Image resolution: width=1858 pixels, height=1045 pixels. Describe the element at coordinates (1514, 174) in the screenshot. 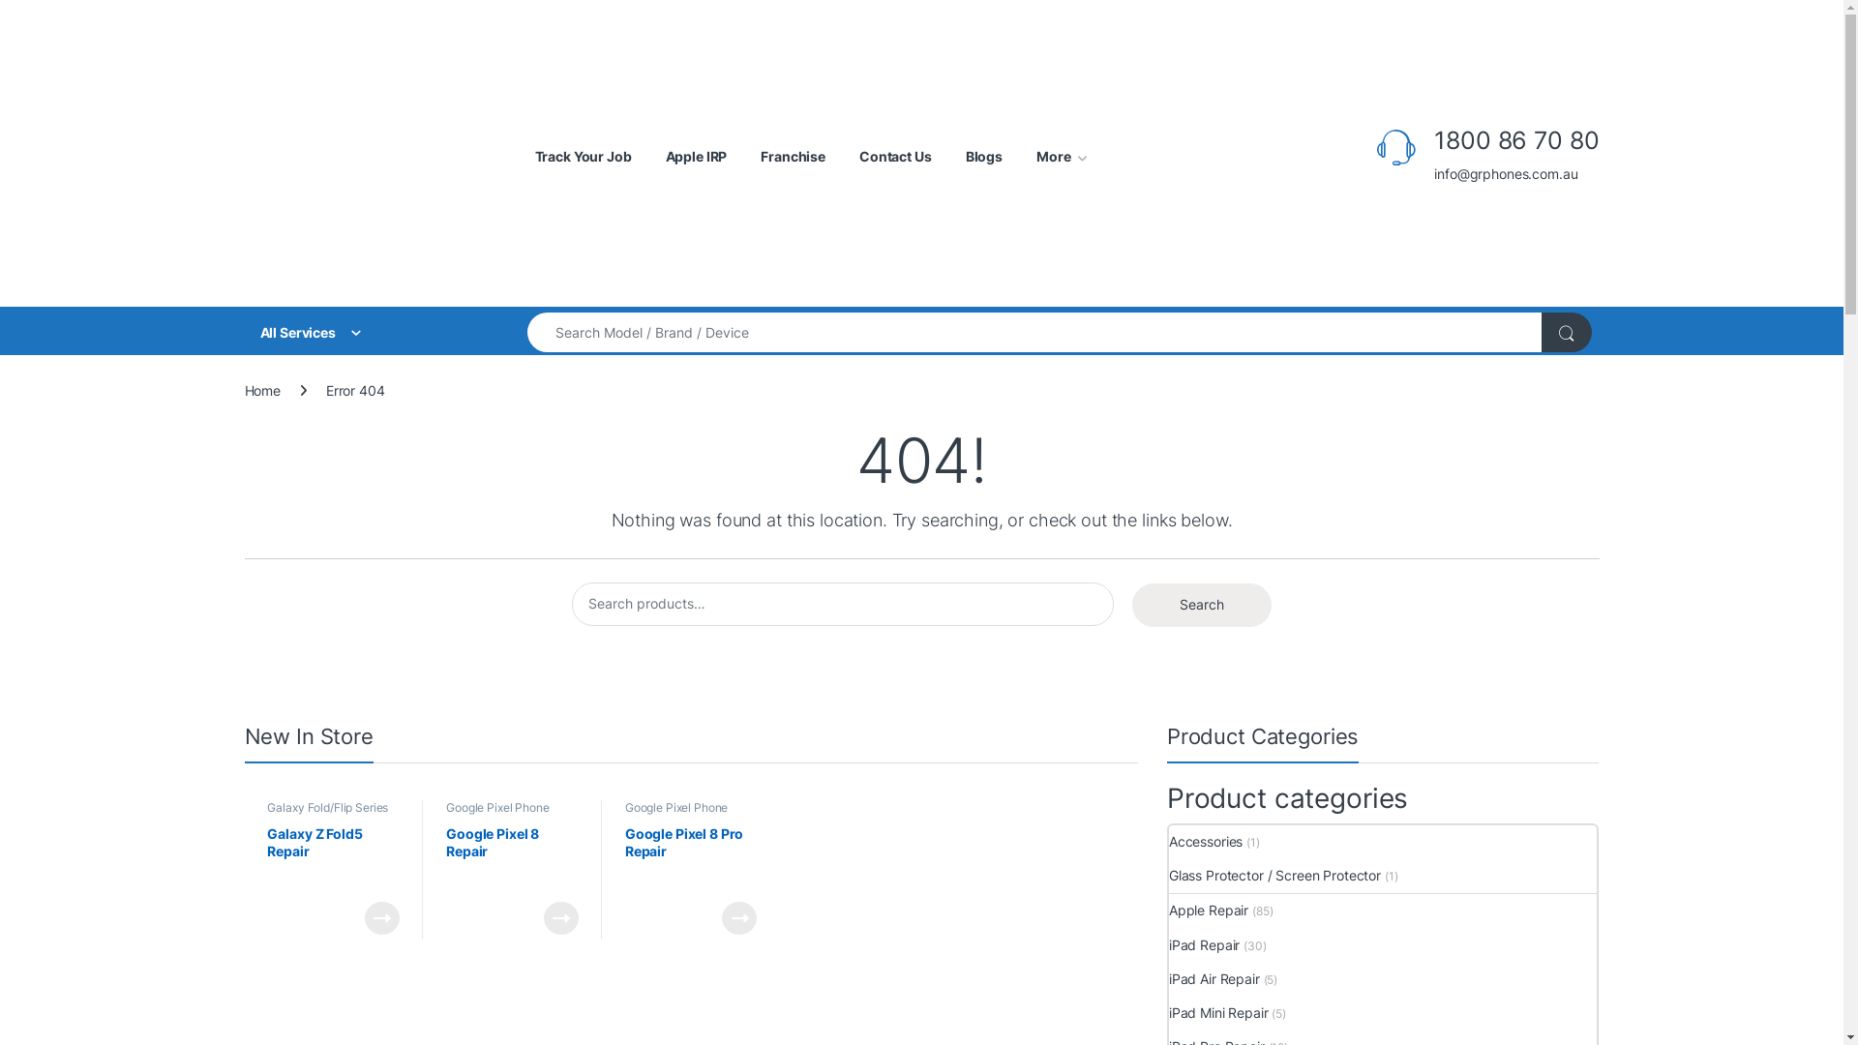

I see `'info@grphones.com.au'` at that location.